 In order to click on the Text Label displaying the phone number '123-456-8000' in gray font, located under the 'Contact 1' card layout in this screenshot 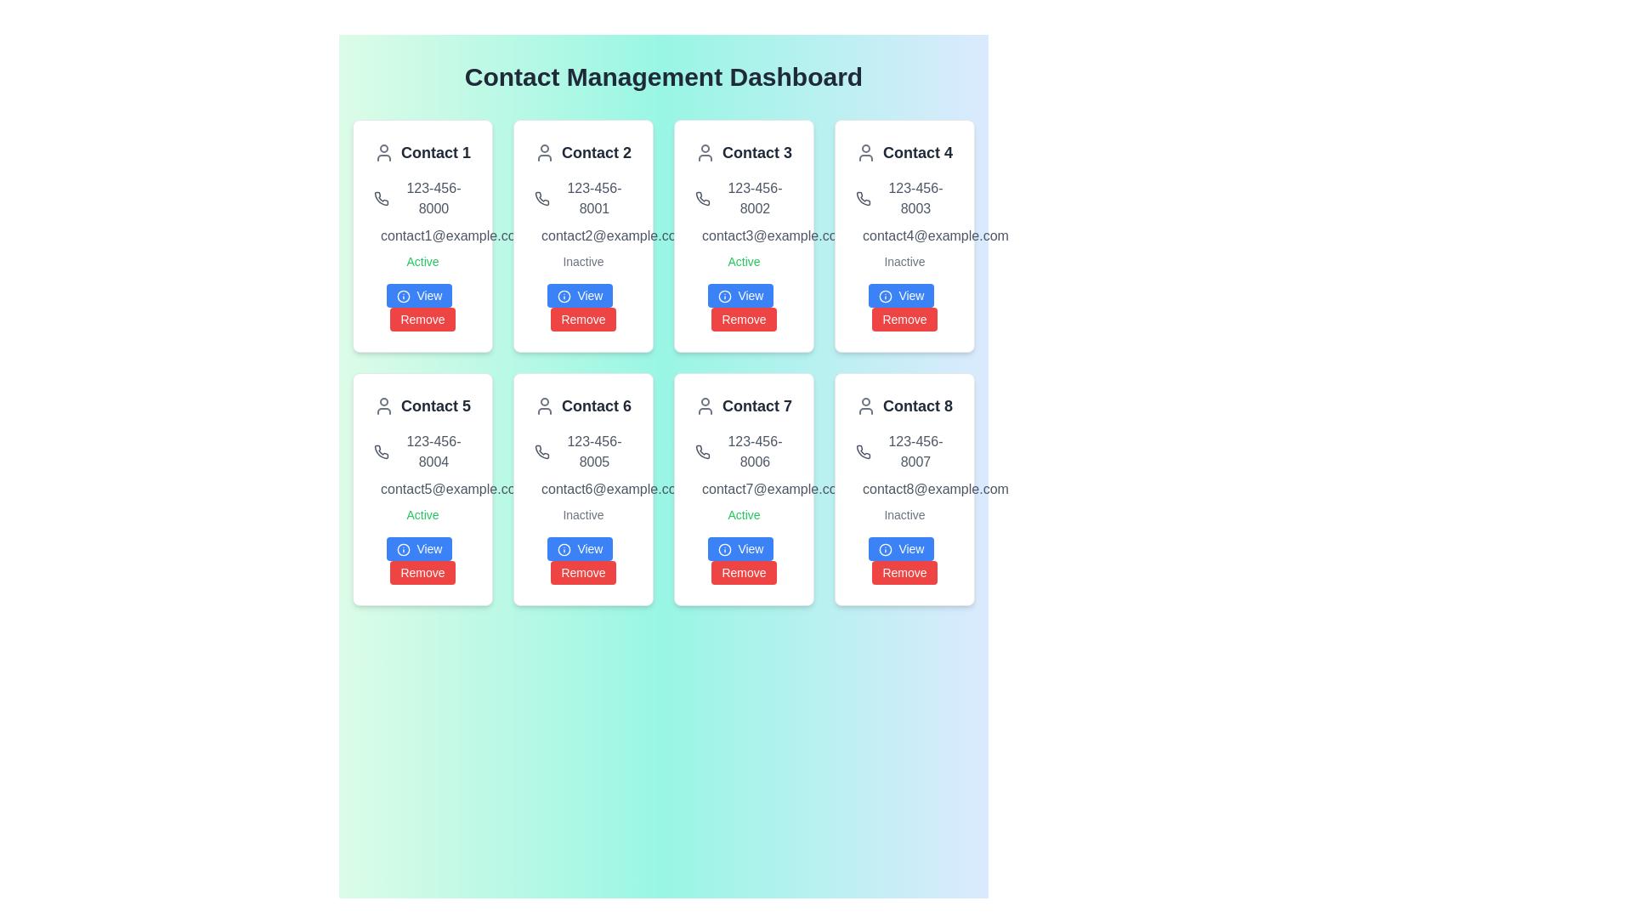, I will do `click(422, 198)`.